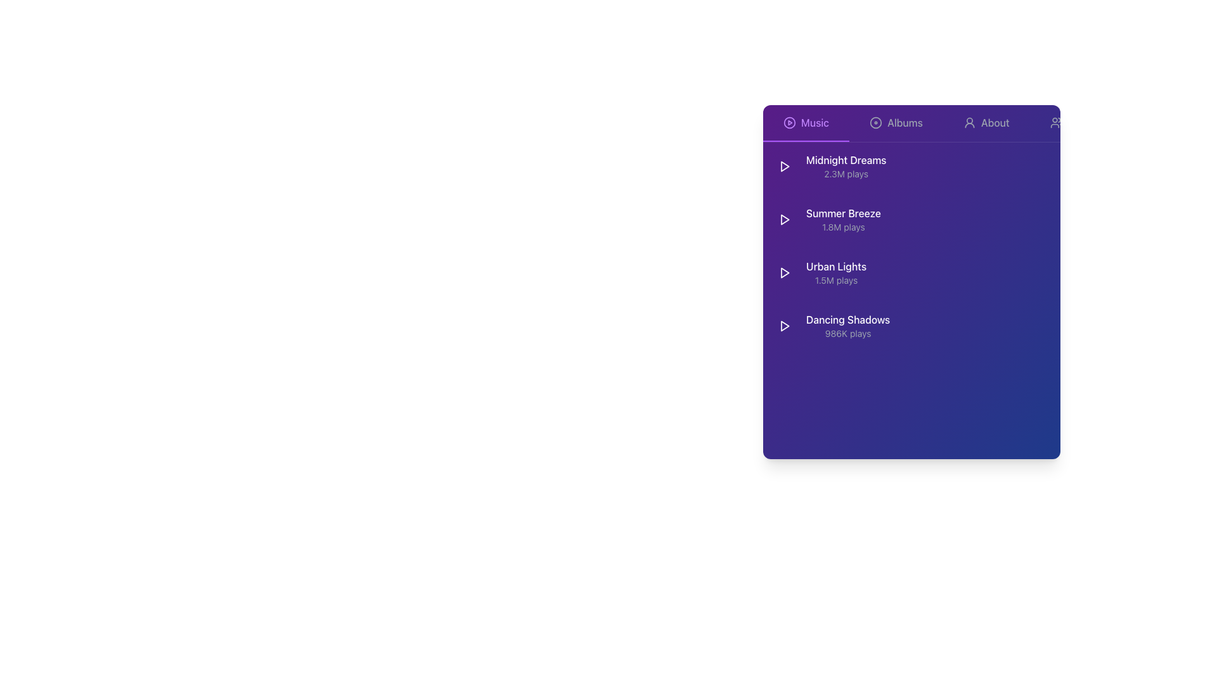  What do you see at coordinates (846, 160) in the screenshot?
I see `the text label displaying 'Midnight Dreams' in white against a purple background, located above '2.3M plays' in a vertical list structure` at bounding box center [846, 160].